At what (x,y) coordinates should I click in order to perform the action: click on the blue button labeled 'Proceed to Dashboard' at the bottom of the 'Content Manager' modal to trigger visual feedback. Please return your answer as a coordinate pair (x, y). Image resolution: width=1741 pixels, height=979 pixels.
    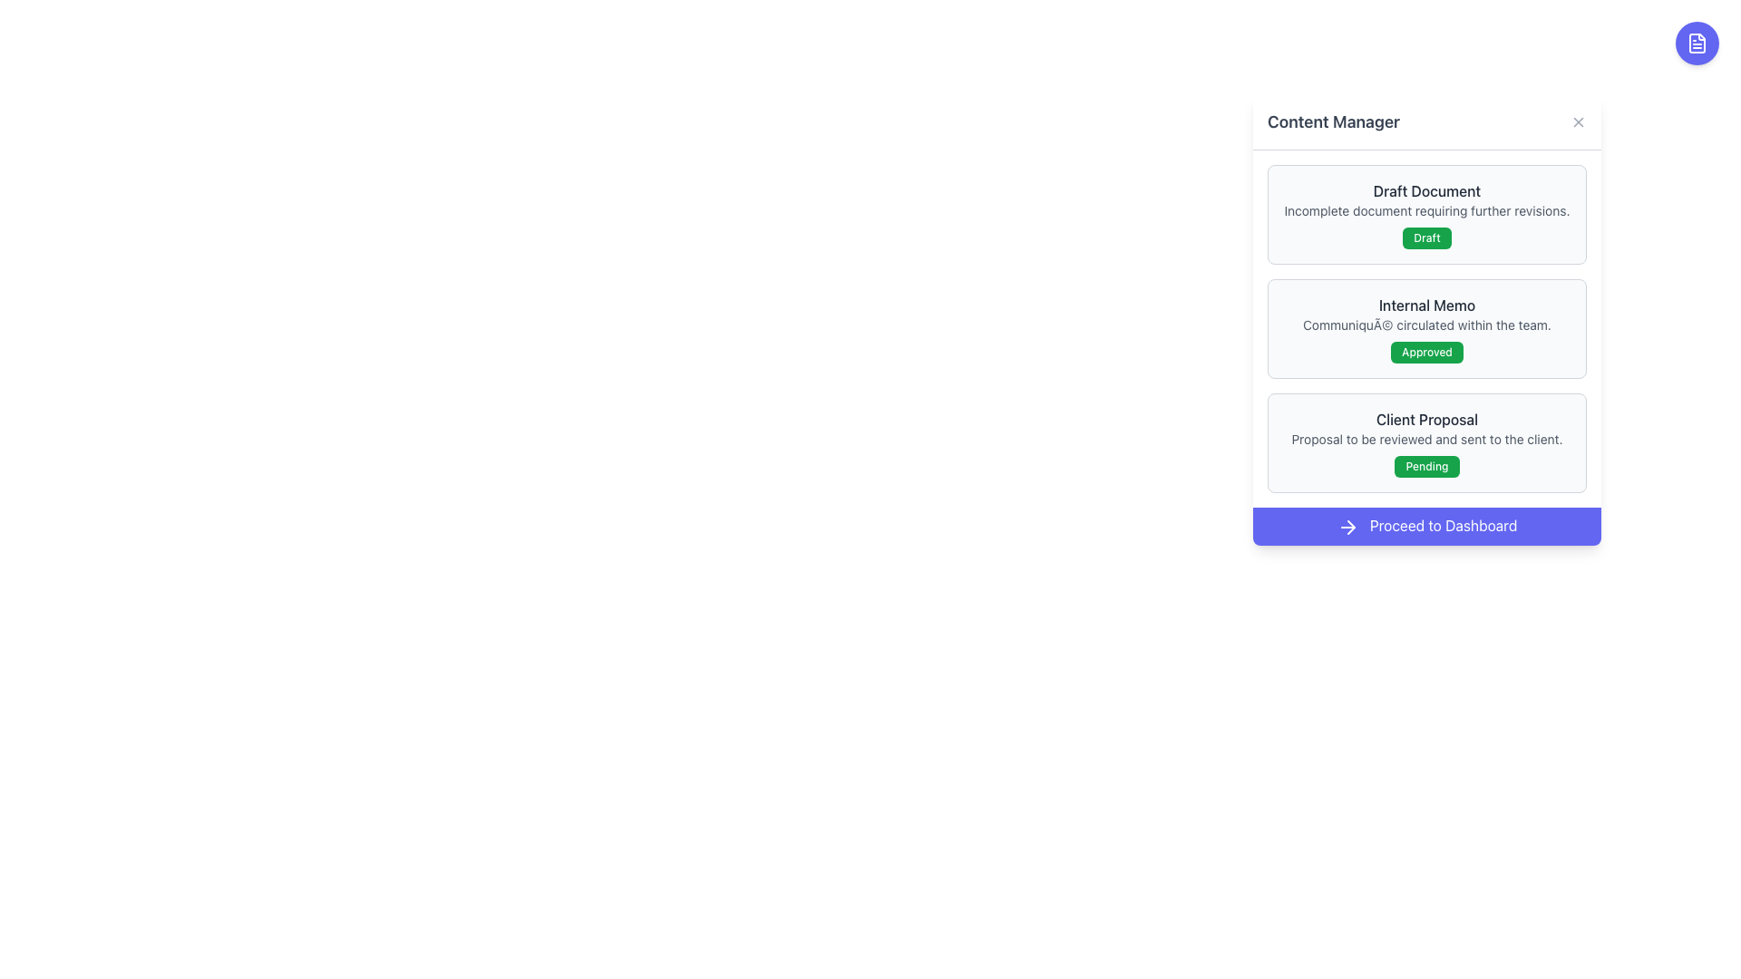
    Looking at the image, I should click on (1426, 525).